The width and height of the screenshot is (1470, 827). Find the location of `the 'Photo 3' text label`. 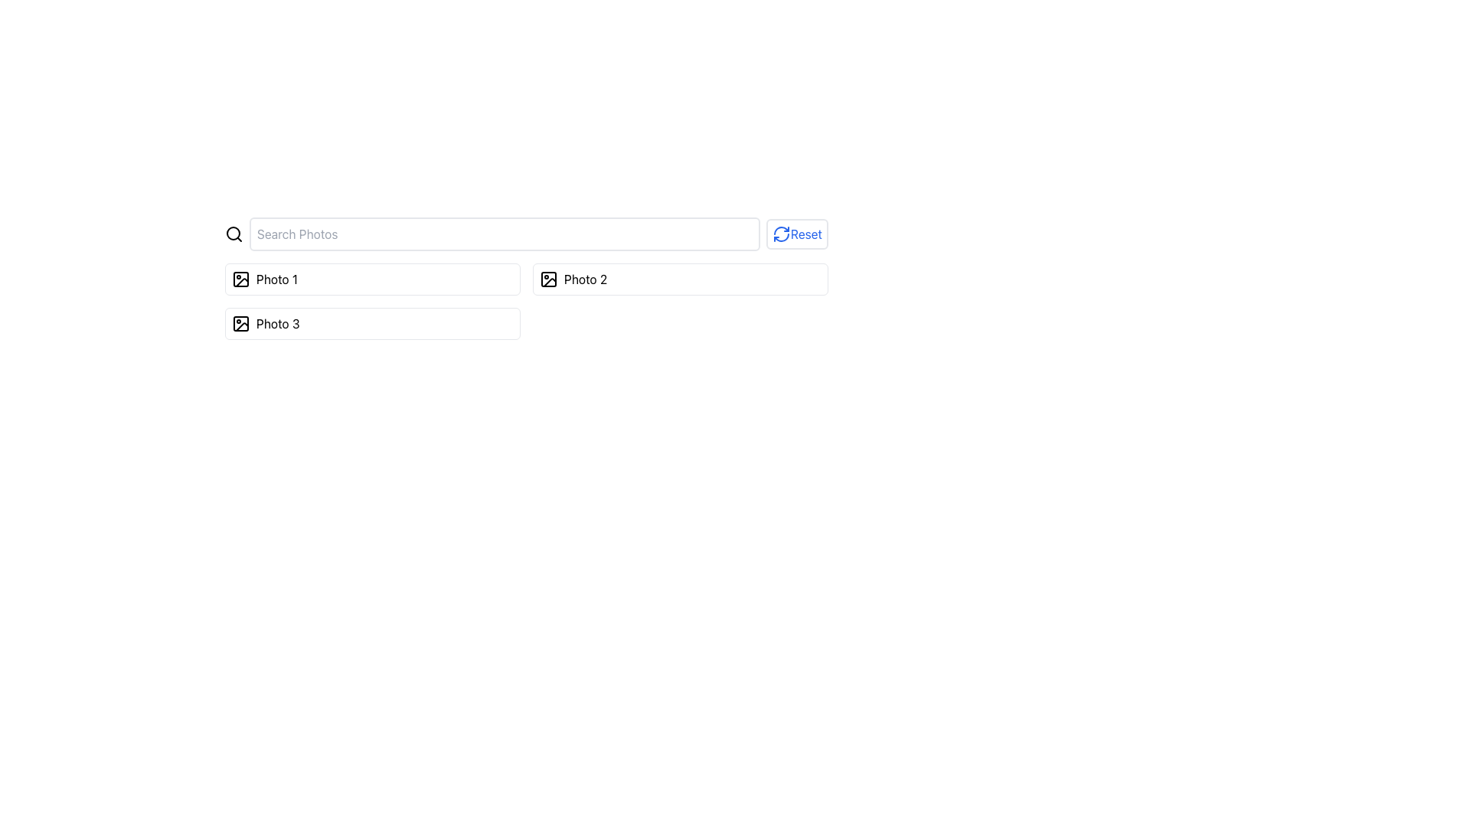

the 'Photo 3' text label is located at coordinates (278, 323).